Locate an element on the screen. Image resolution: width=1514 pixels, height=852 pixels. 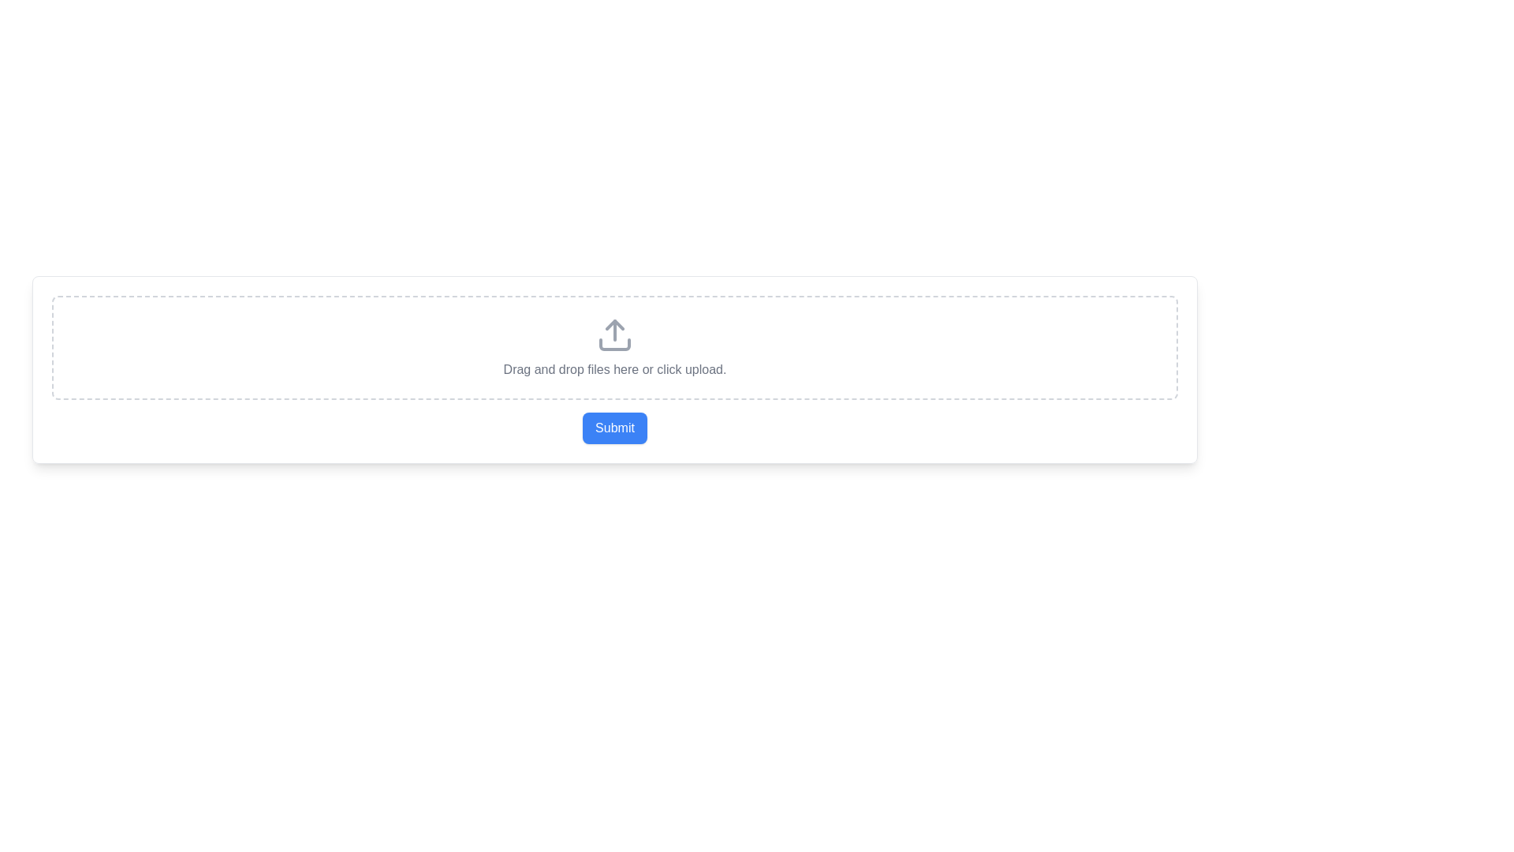
the instructional text label that guides users on how to upload files, located centrally below the upload icon within the dashed-bordered area is located at coordinates (613, 370).